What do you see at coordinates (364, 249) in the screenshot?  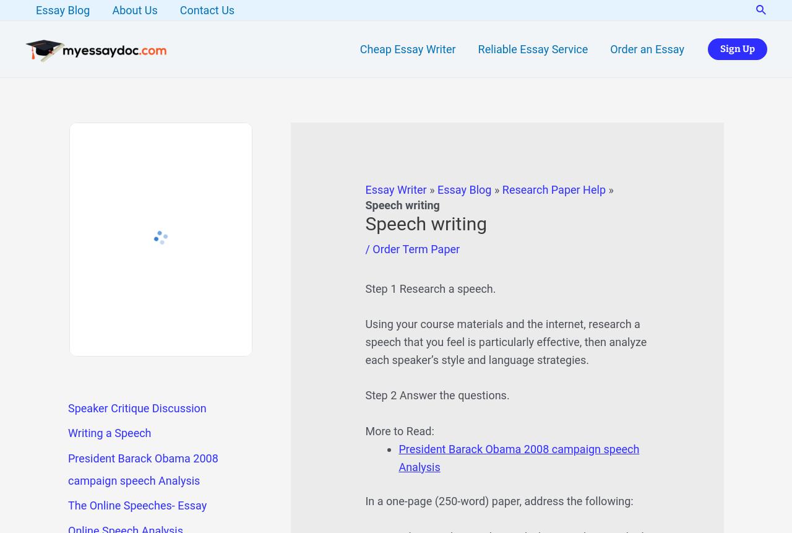 I see `'/'` at bounding box center [364, 249].